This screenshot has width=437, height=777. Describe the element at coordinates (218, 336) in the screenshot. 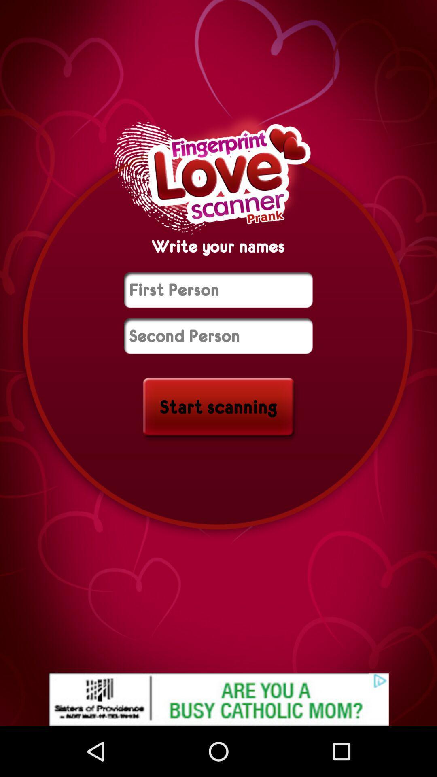

I see `insert name field` at that location.